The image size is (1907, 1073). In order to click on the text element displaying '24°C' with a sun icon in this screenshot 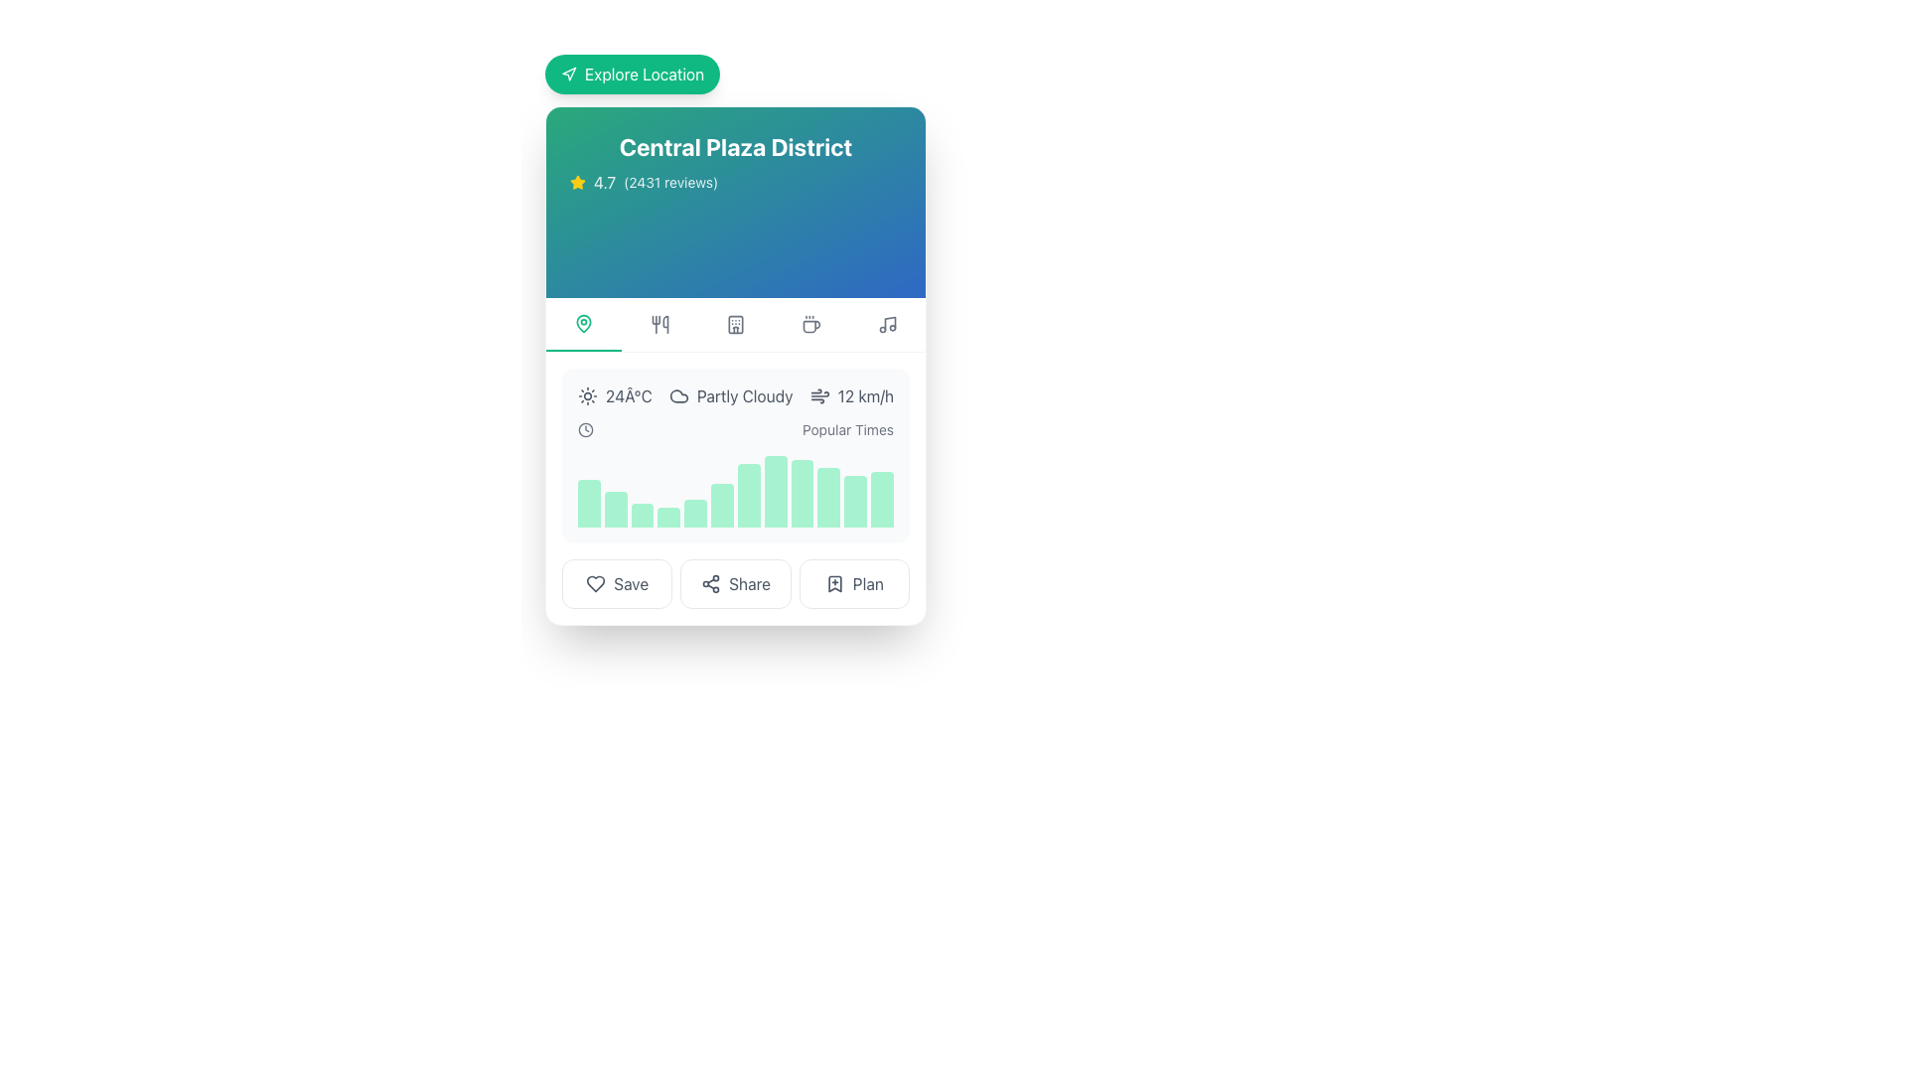, I will do `click(614, 395)`.